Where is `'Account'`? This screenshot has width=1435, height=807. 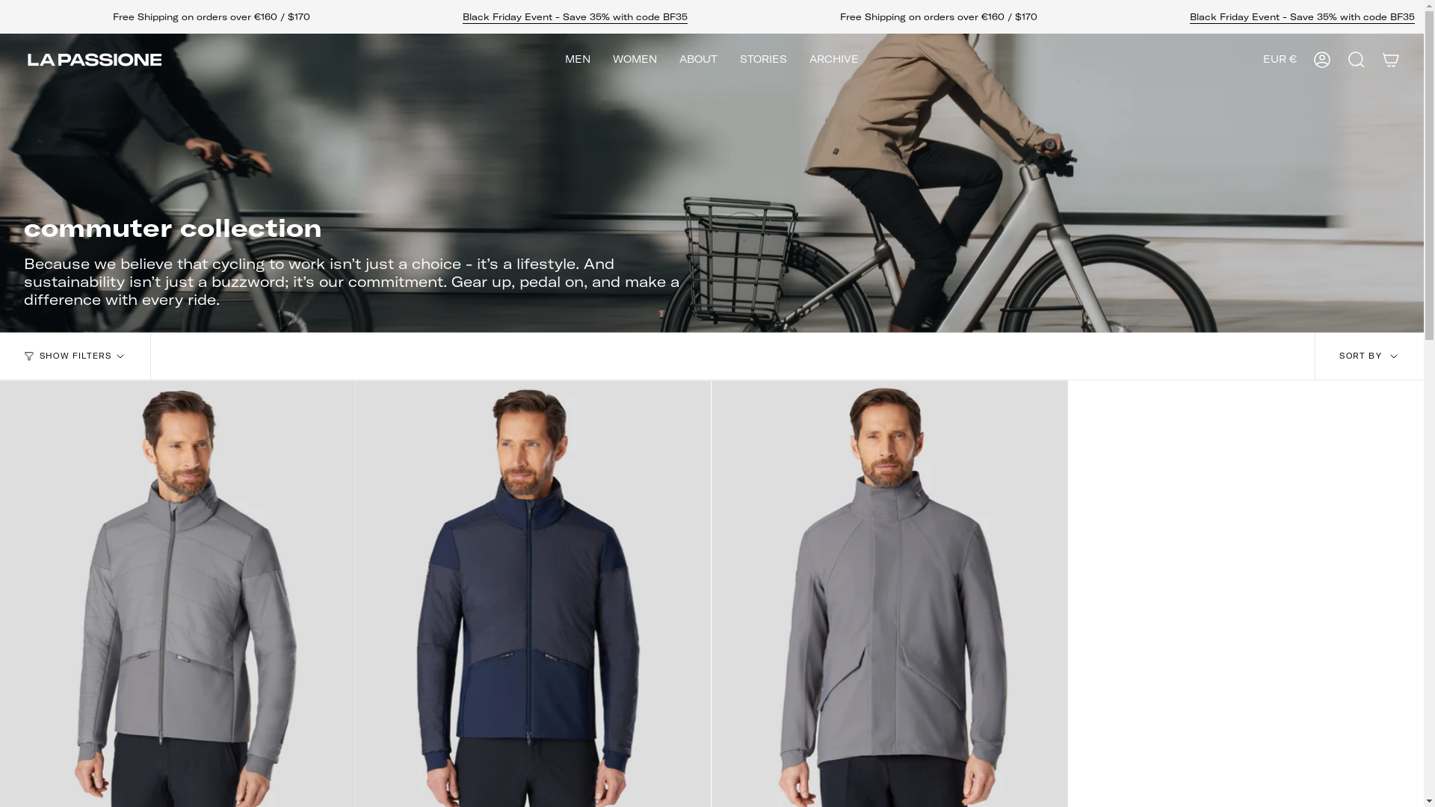 'Account' is located at coordinates (1322, 59).